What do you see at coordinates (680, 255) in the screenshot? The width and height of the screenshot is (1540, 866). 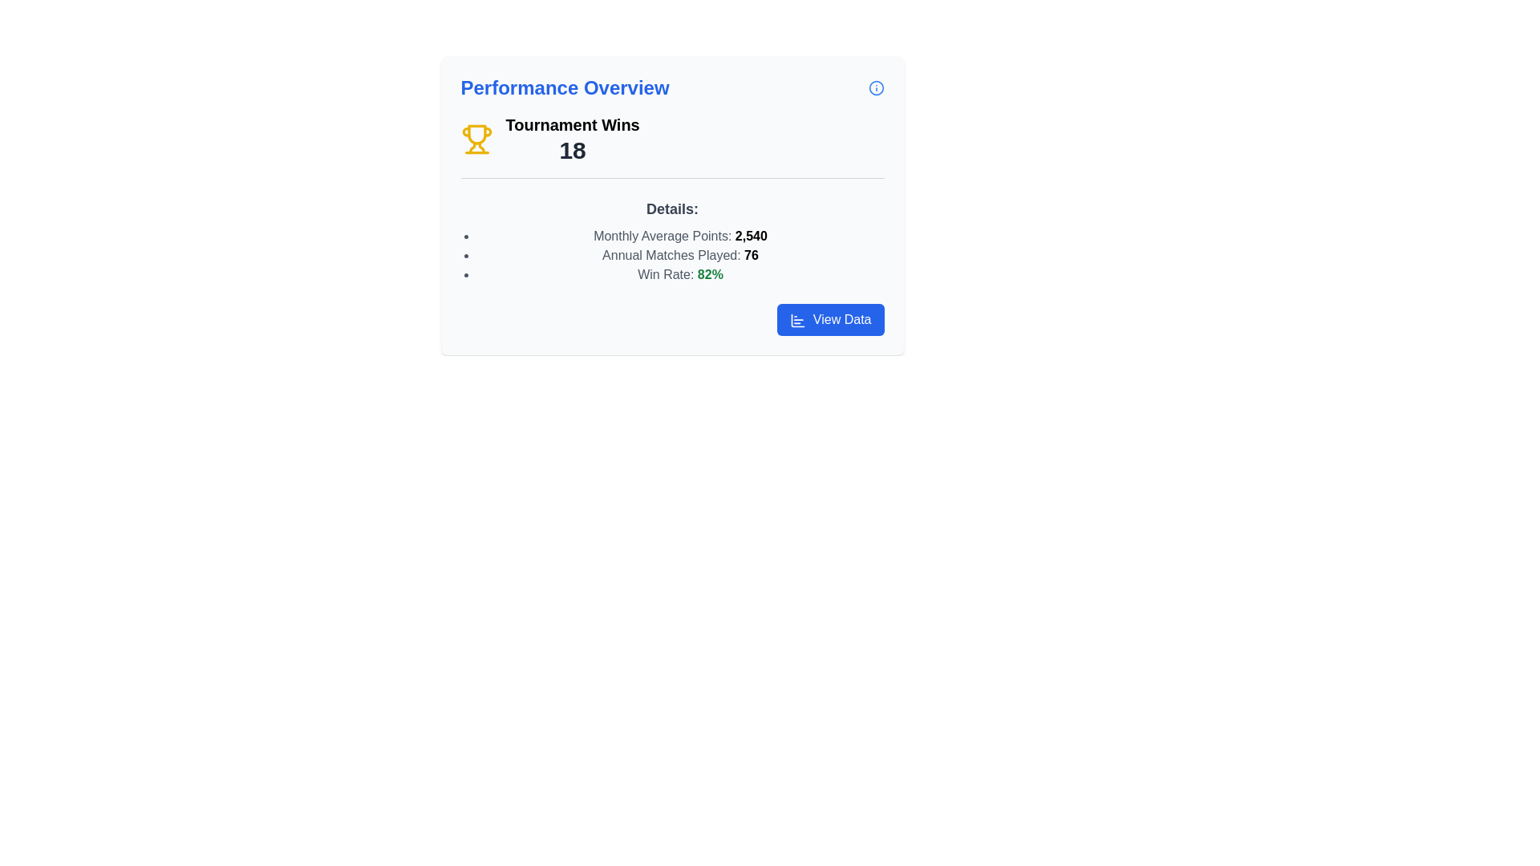 I see `the text label displaying 'Annual Matches Played: 76', which is the second item in a bulleted list under the 'Details:' label in a summary card layout` at bounding box center [680, 255].